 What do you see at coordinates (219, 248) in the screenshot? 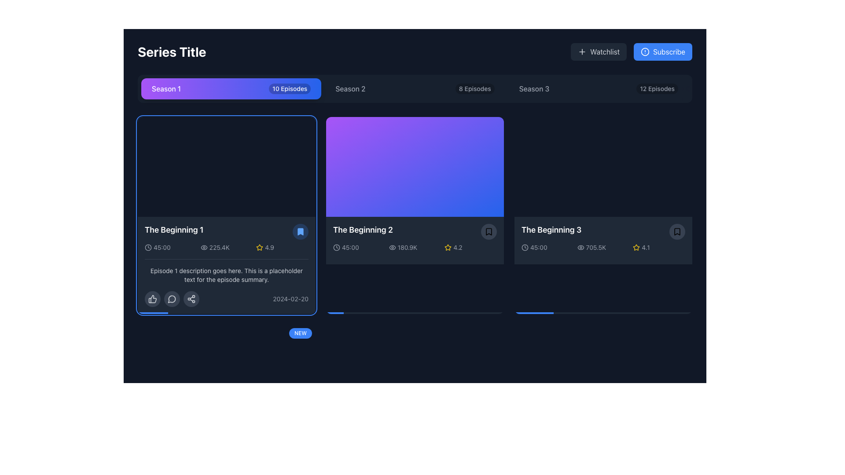
I see `view count displayed as '225.4K' in the information panel for the first item in the series list, which is visually represented in light-colored text against a dark background, next to an eye icon and star rating` at bounding box center [219, 248].